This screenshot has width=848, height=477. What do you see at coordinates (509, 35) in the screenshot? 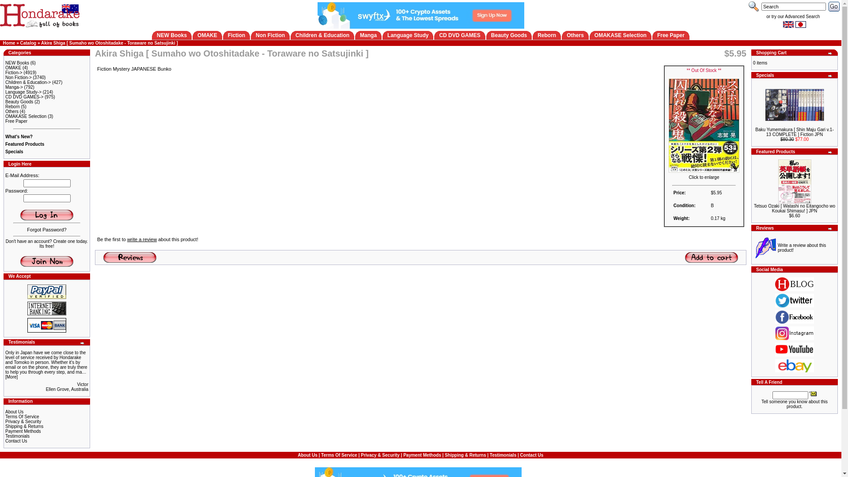
I see `'Beauty Goods'` at bounding box center [509, 35].